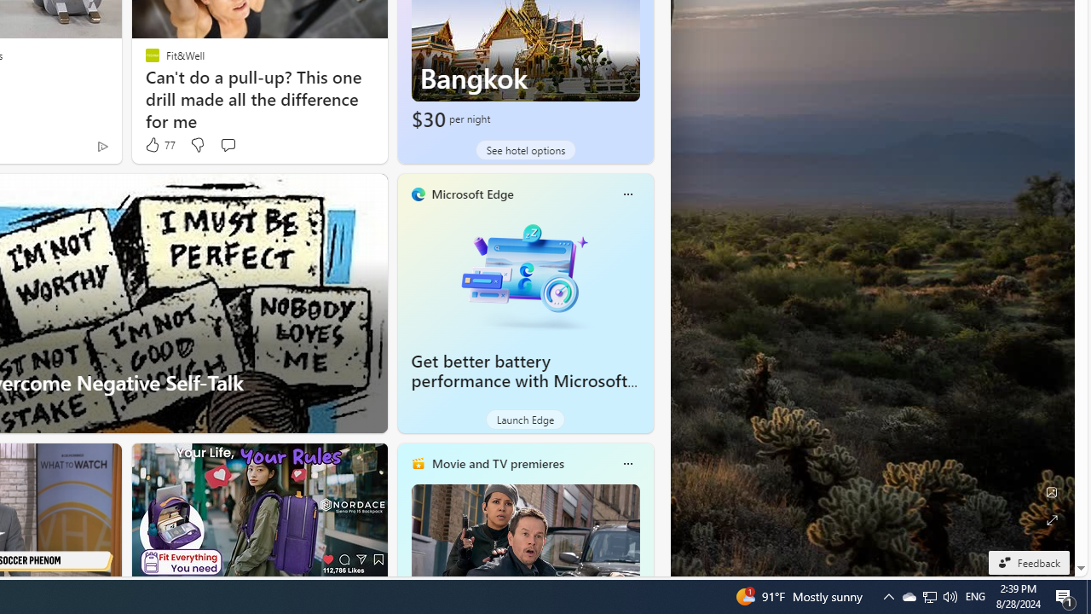 The image size is (1091, 614). Describe the element at coordinates (496, 463) in the screenshot. I see `'Movie and TV premieres'` at that location.